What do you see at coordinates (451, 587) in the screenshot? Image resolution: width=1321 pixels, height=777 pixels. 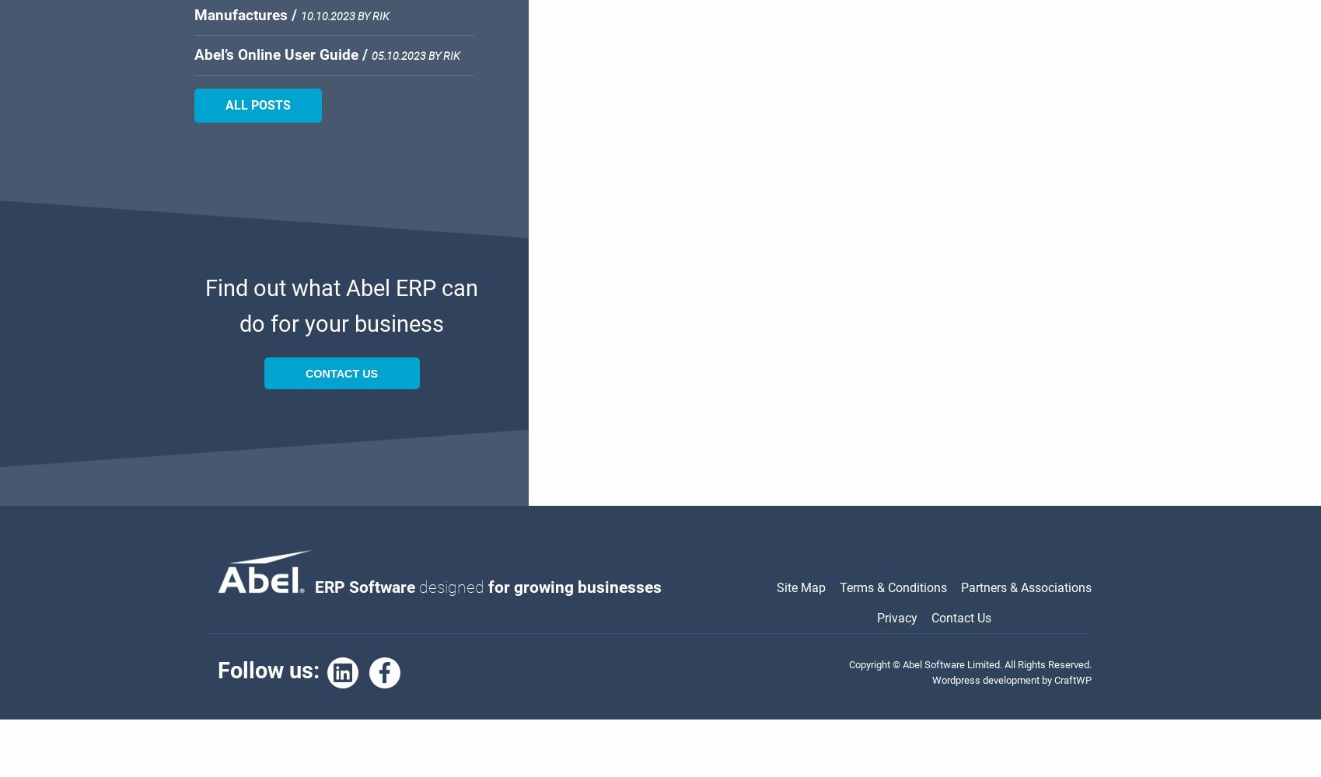 I see `'designed'` at bounding box center [451, 587].